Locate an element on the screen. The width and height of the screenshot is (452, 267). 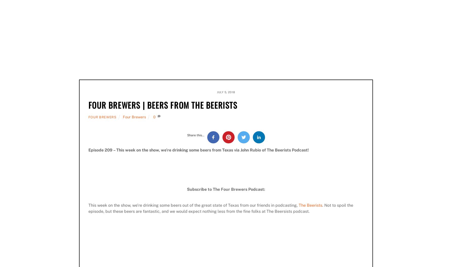
'Four Brewers | Cellar Slendering With Jesse Friedman' is located at coordinates (319, 129).